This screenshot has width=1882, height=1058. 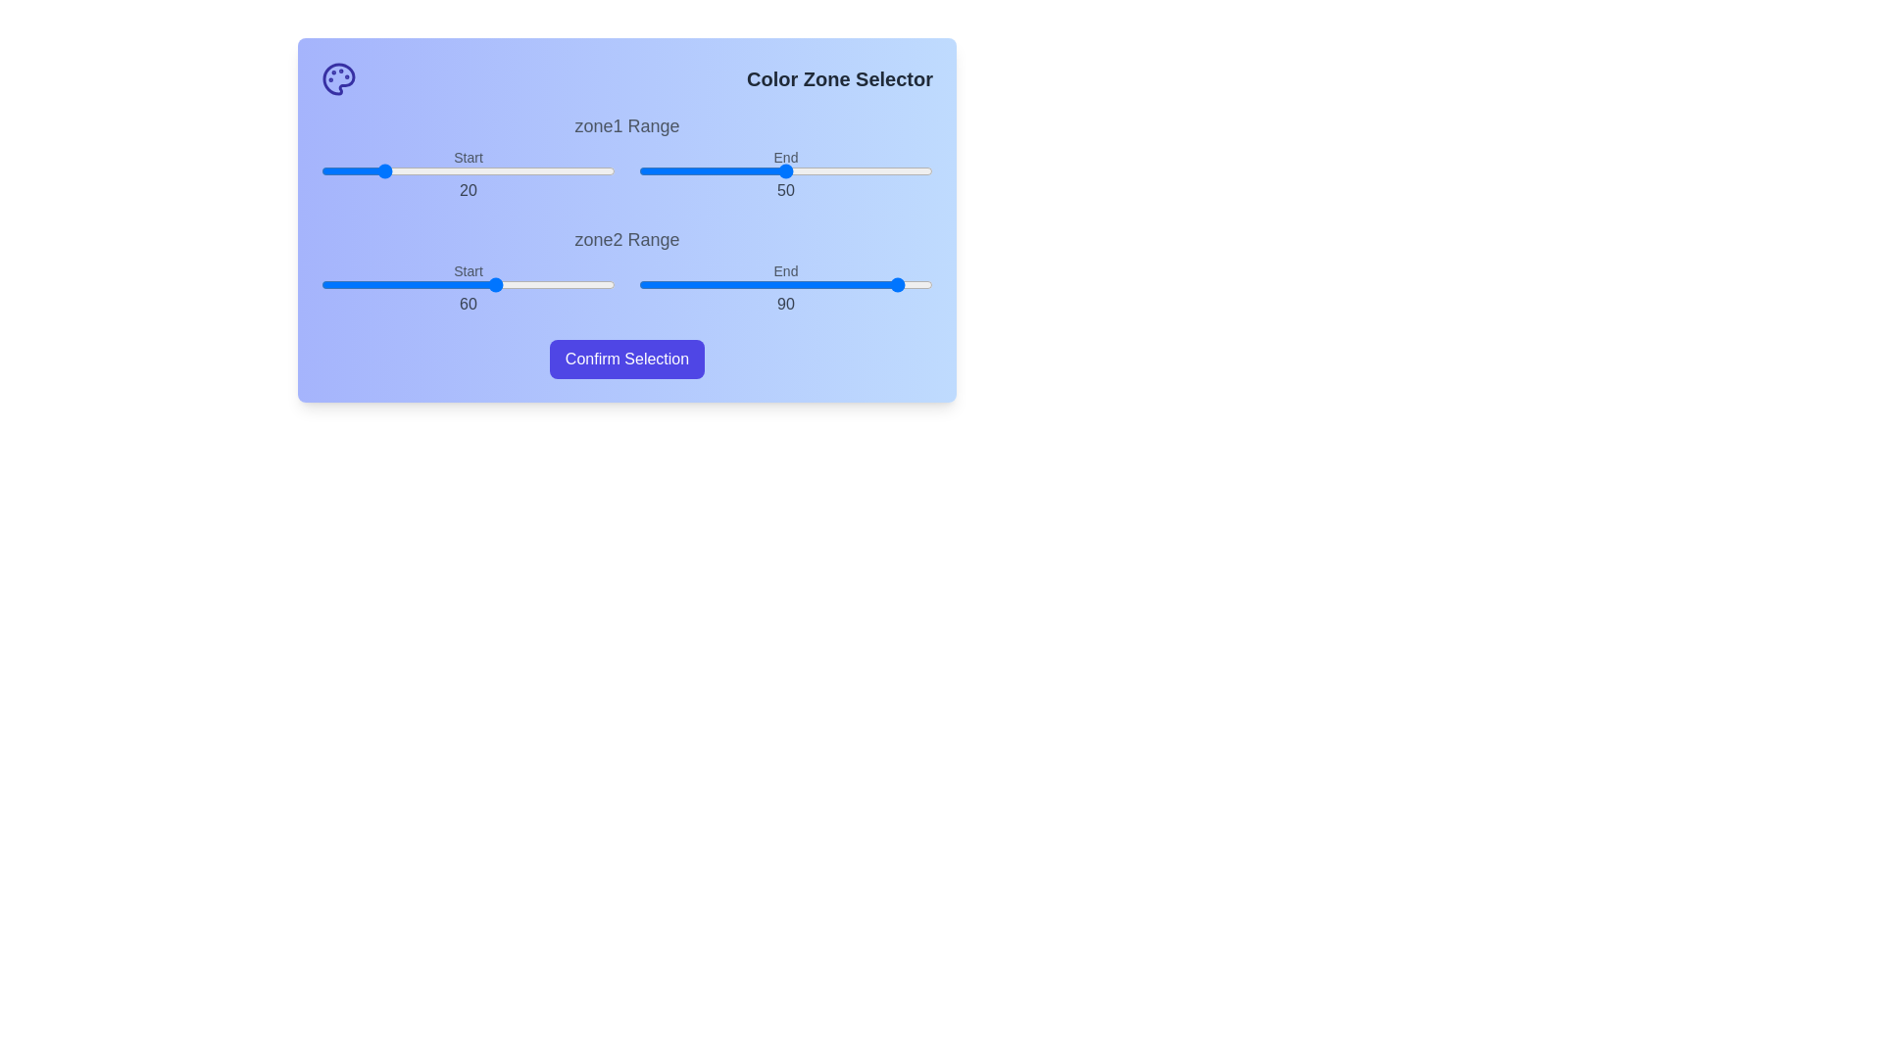 What do you see at coordinates (389, 169) in the screenshot?
I see `the start range slider for zone1 to 23` at bounding box center [389, 169].